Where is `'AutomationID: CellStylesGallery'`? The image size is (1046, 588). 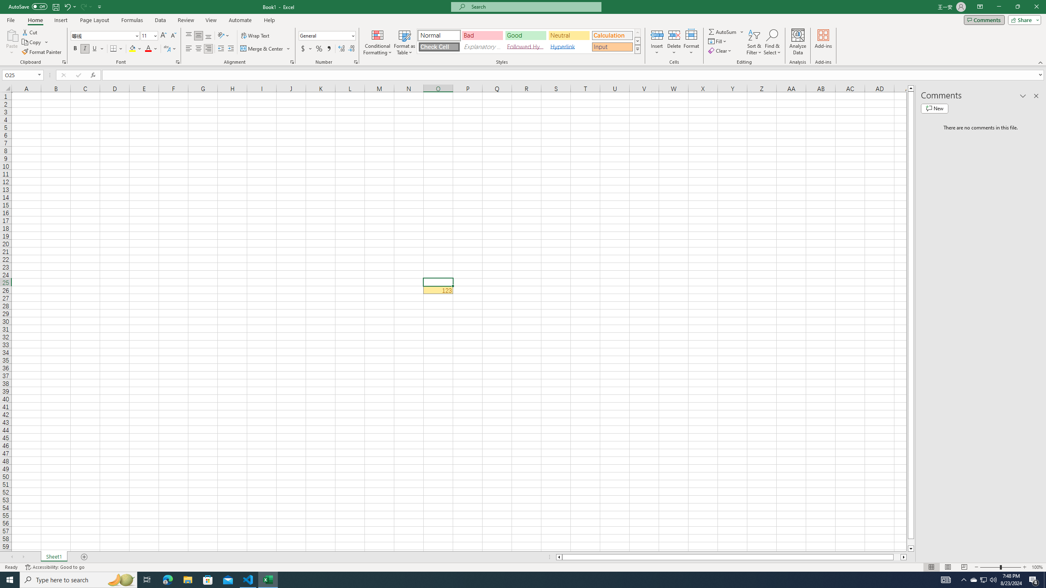
'AutomationID: CellStylesGallery' is located at coordinates (529, 41).